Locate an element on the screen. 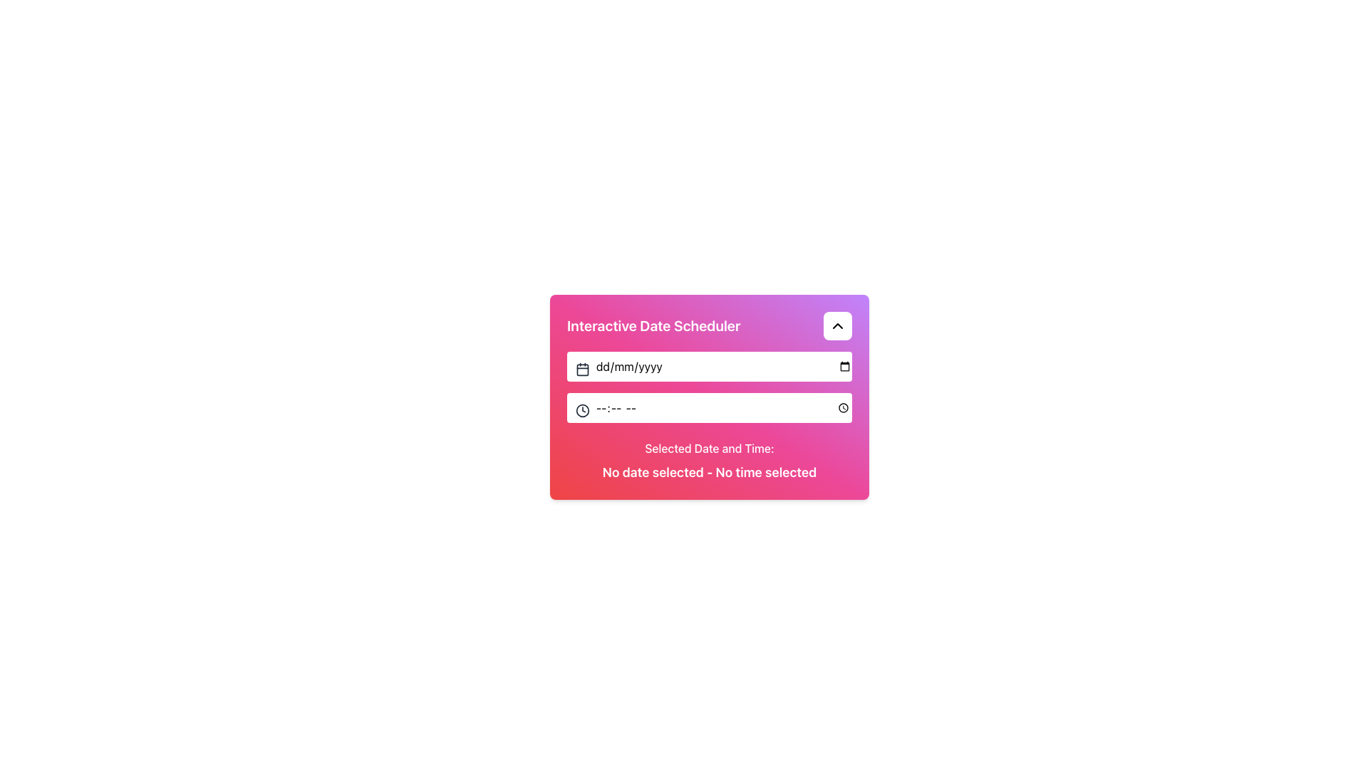 The image size is (1368, 769). the circular decorative component of the clock icon in the 'Interactive Date Scheduler' interface, which serves as a boundary for the clock icon positioned to the left of the second text input field is located at coordinates (582, 410).